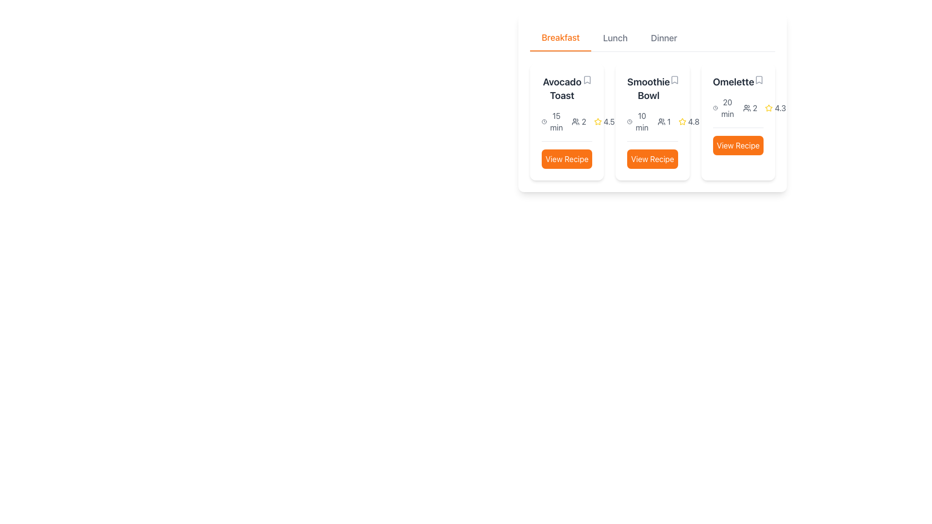 The image size is (932, 524). Describe the element at coordinates (561, 37) in the screenshot. I see `the active 'Breakfast' tab` at that location.